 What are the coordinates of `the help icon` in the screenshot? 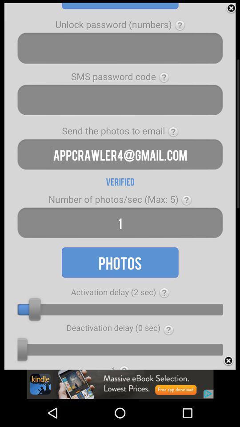 It's located at (164, 313).